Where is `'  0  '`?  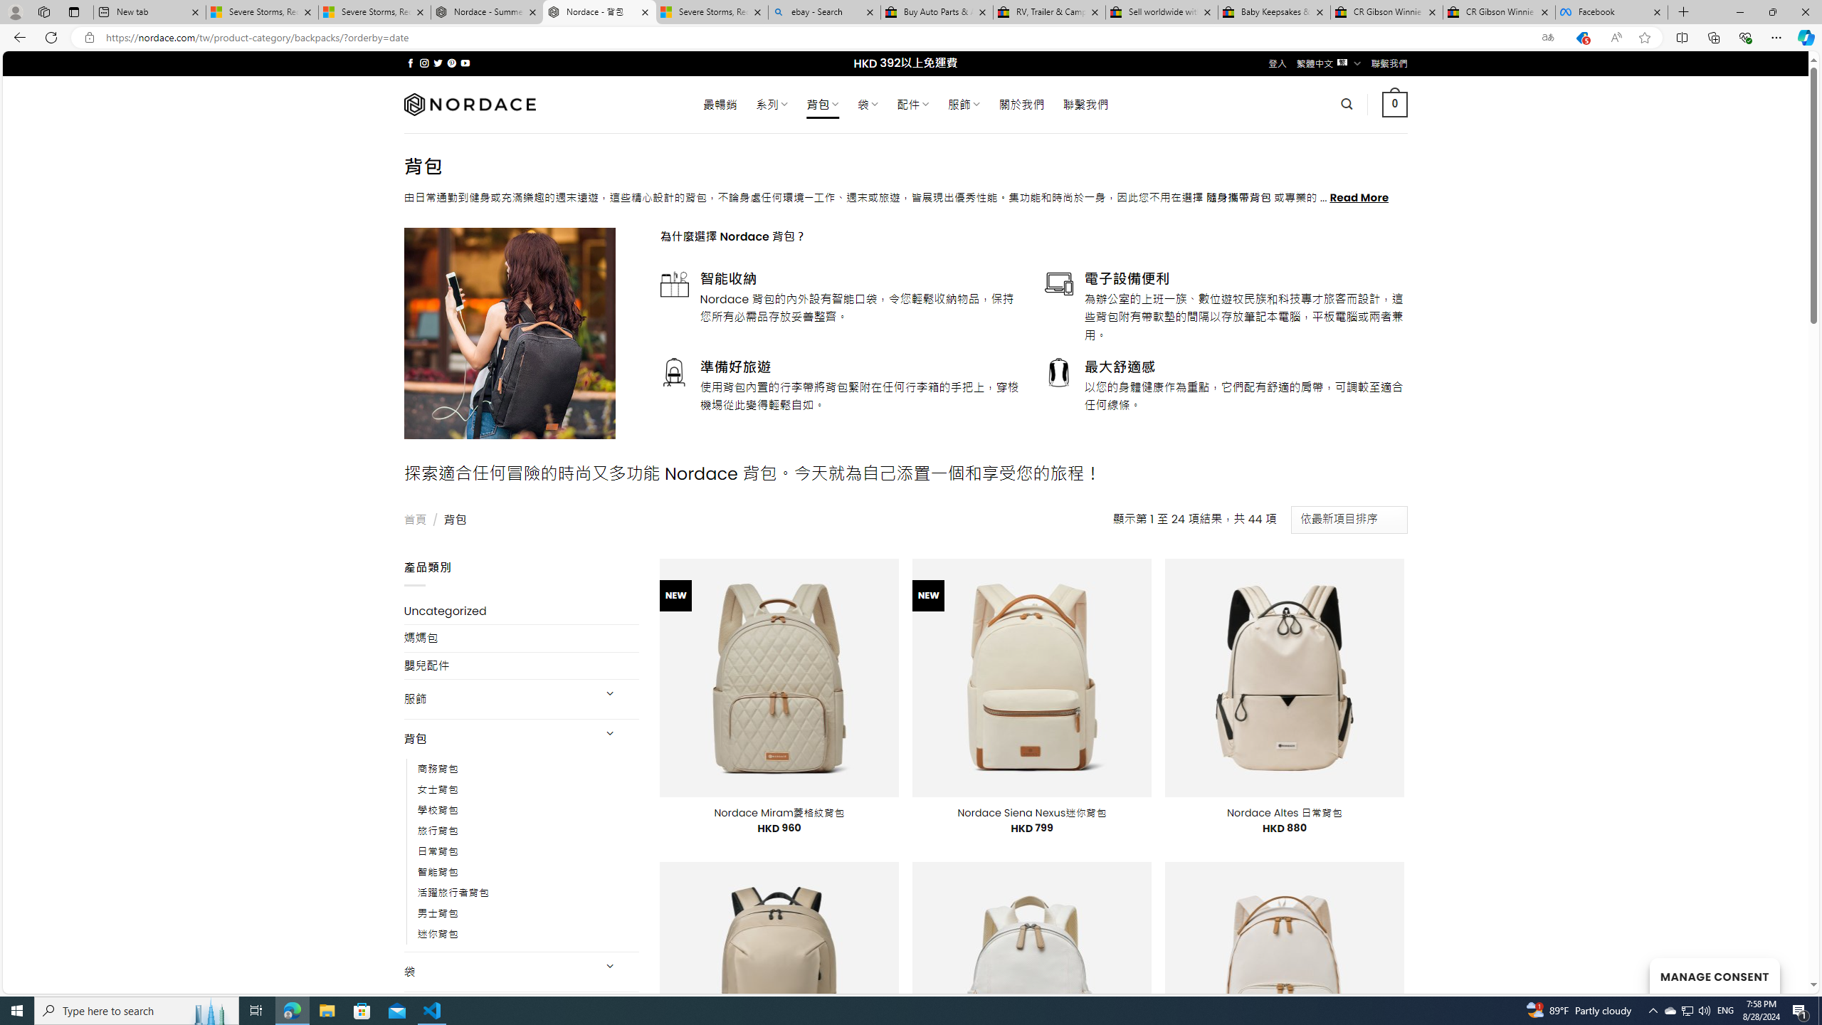
'  0  ' is located at coordinates (1395, 103).